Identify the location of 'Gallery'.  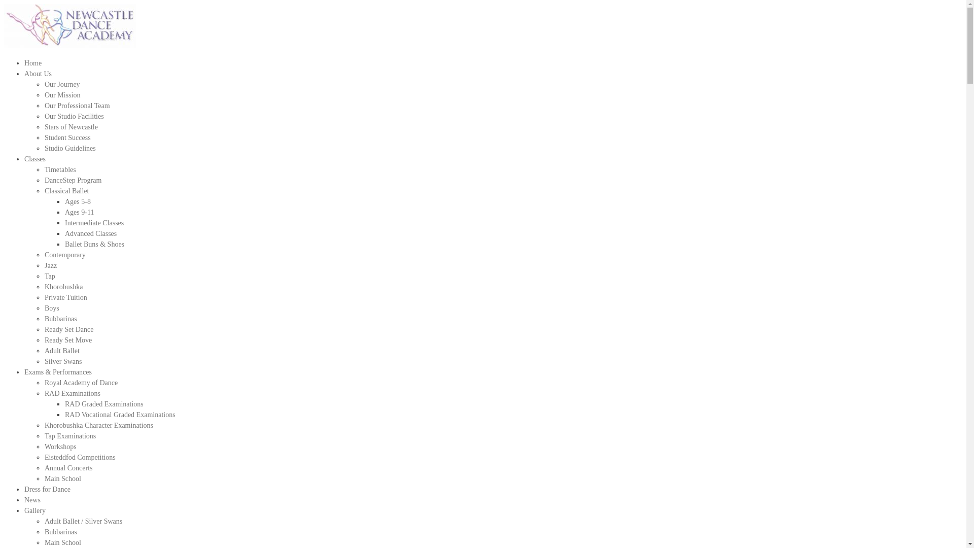
(34, 510).